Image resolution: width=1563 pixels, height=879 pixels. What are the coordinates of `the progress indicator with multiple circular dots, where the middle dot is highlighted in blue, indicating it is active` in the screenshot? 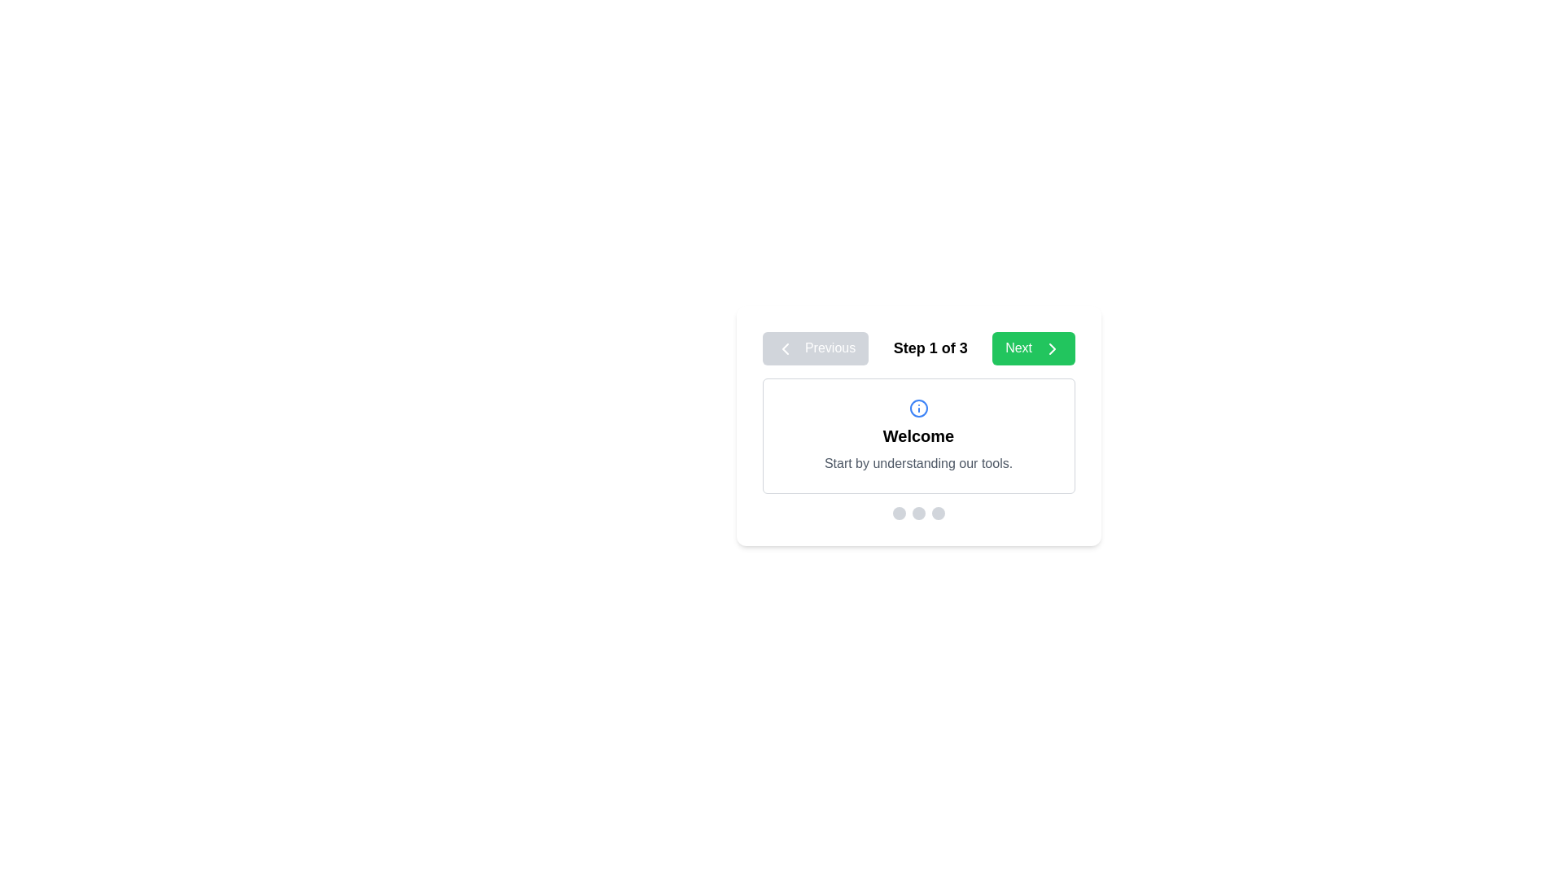 It's located at (918, 513).